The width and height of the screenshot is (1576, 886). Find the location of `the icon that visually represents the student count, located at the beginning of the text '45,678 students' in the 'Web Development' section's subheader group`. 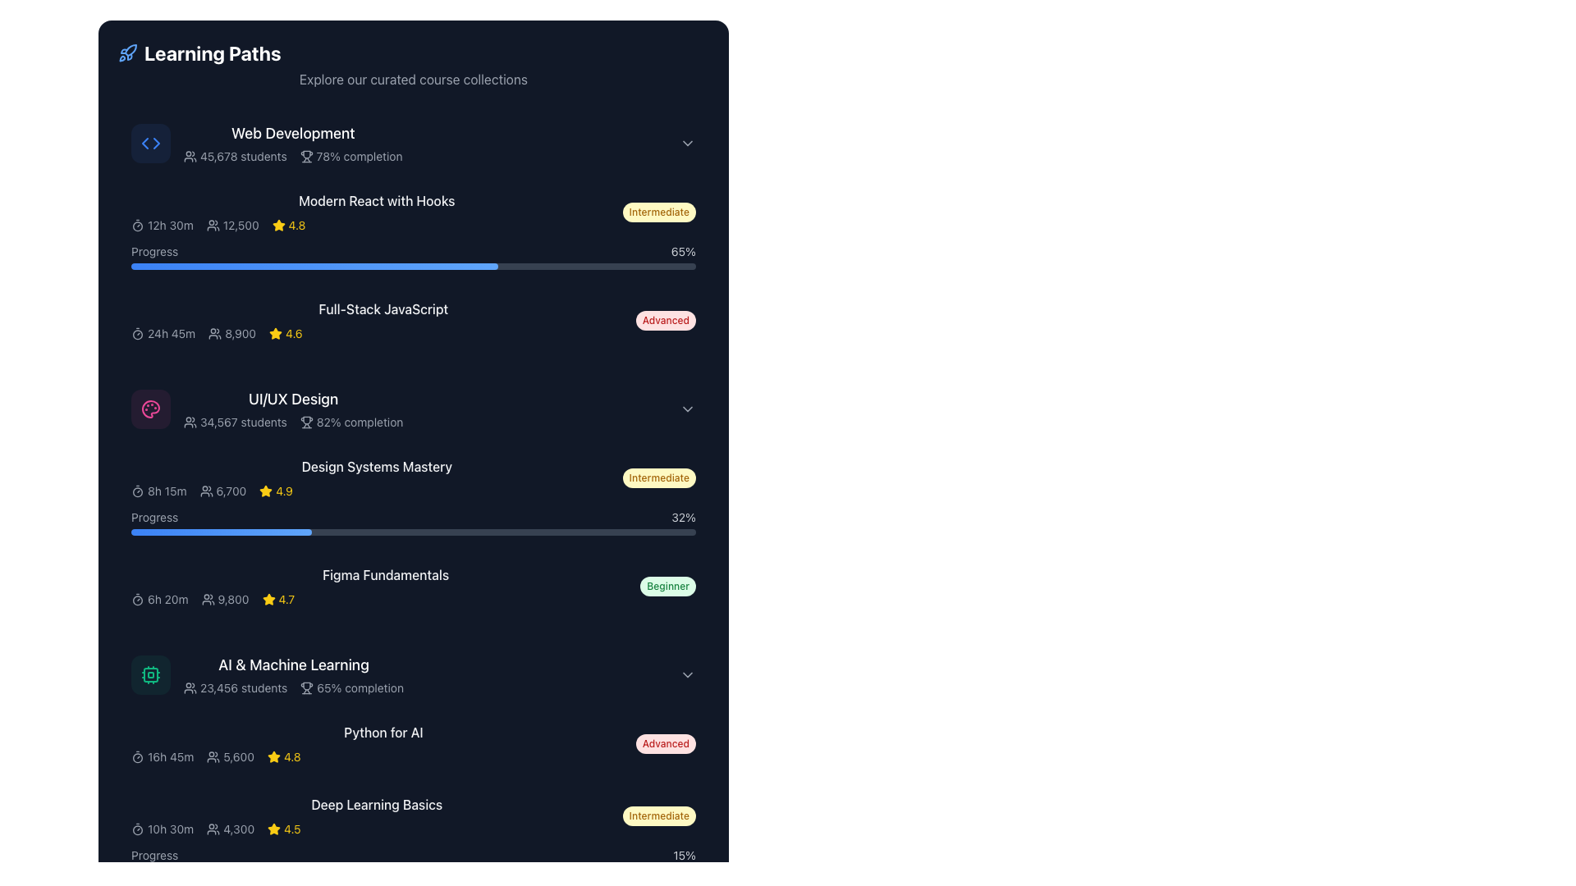

the icon that visually represents the student count, located at the beginning of the text '45,678 students' in the 'Web Development' section's subheader group is located at coordinates (190, 157).